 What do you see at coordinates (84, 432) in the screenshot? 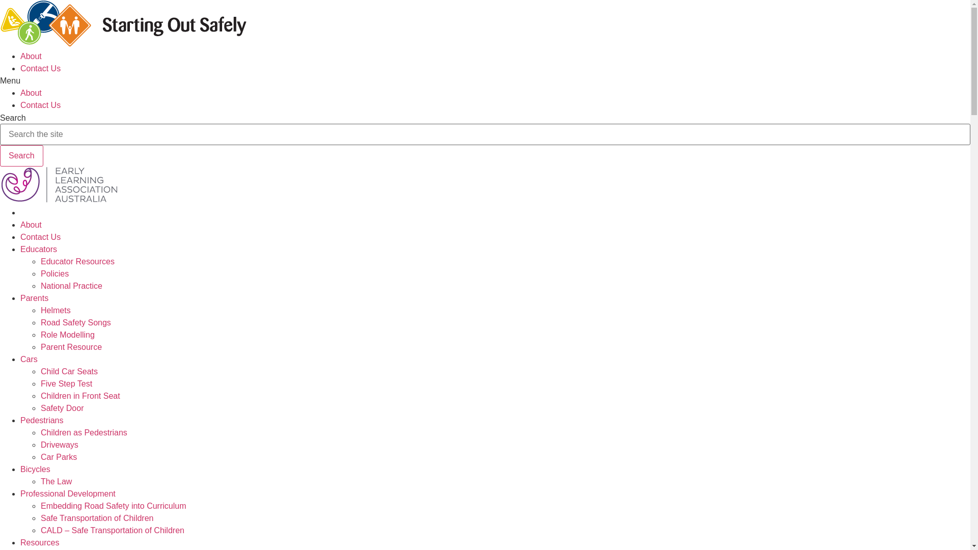
I see `'Children as Pedestrians'` at bounding box center [84, 432].